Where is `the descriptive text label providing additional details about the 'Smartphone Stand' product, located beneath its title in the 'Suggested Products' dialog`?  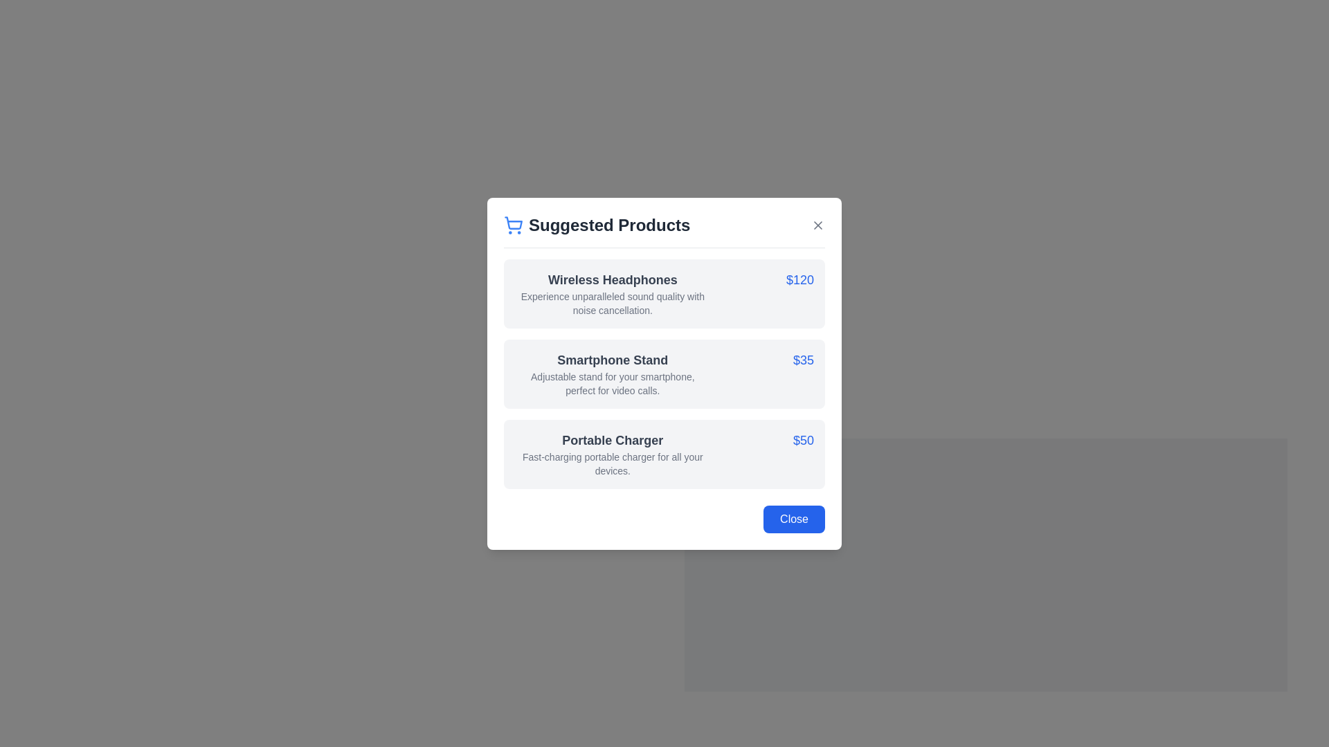 the descriptive text label providing additional details about the 'Smartphone Stand' product, located beneath its title in the 'Suggested Products' dialog is located at coordinates (612, 383).